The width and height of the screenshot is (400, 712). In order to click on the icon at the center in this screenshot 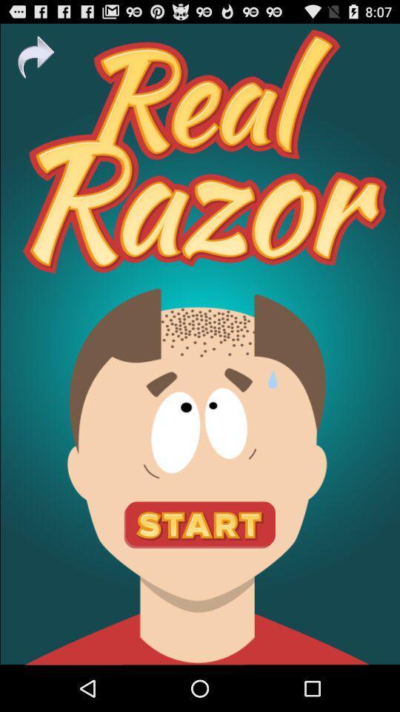, I will do `click(200, 344)`.